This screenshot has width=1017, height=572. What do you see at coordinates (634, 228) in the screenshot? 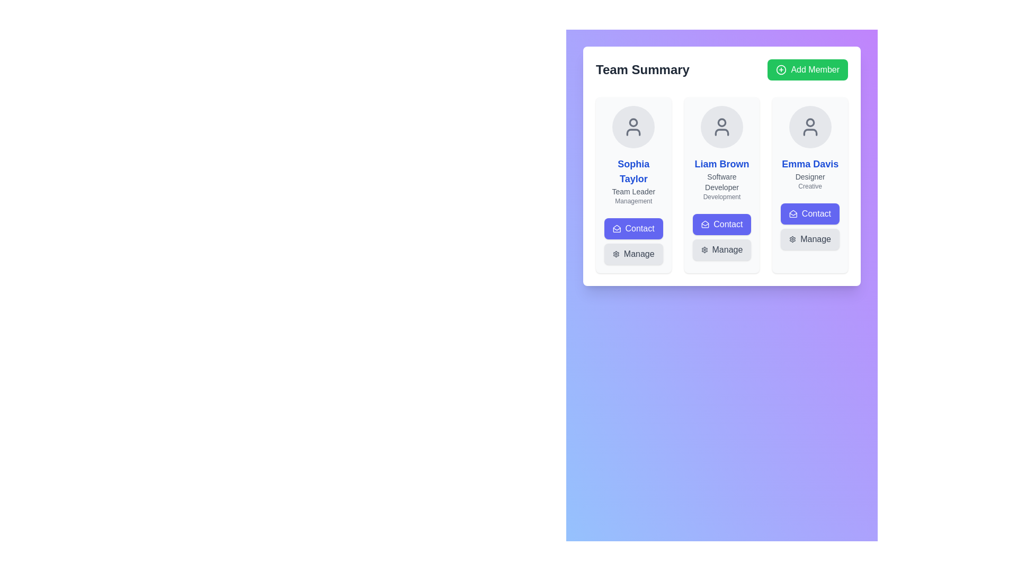
I see `the contact initiation button located in the first column of the card labeled 'Sophia Taylor', positioned above the 'Manage' button` at bounding box center [634, 228].